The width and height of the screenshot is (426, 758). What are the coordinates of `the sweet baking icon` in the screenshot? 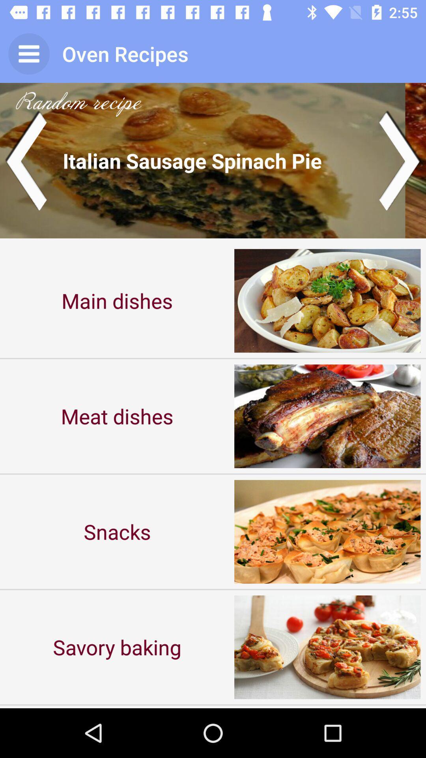 It's located at (117, 707).